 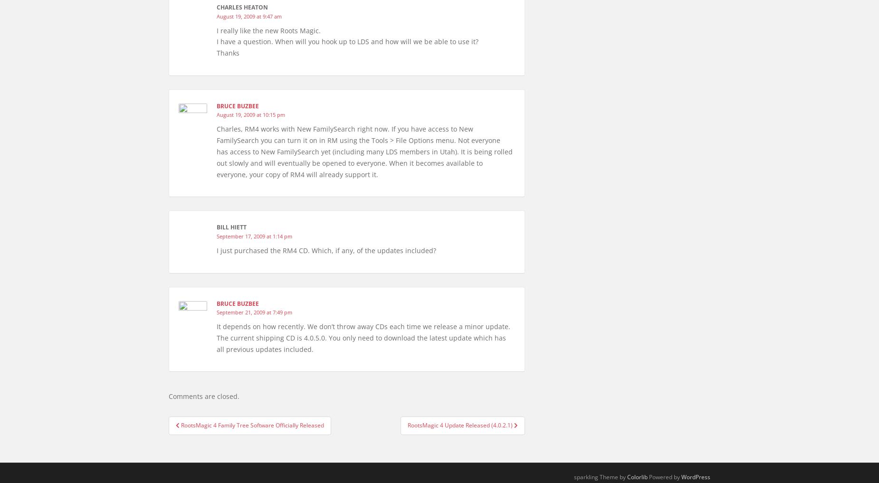 I want to click on 'Thanks', so click(x=228, y=53).